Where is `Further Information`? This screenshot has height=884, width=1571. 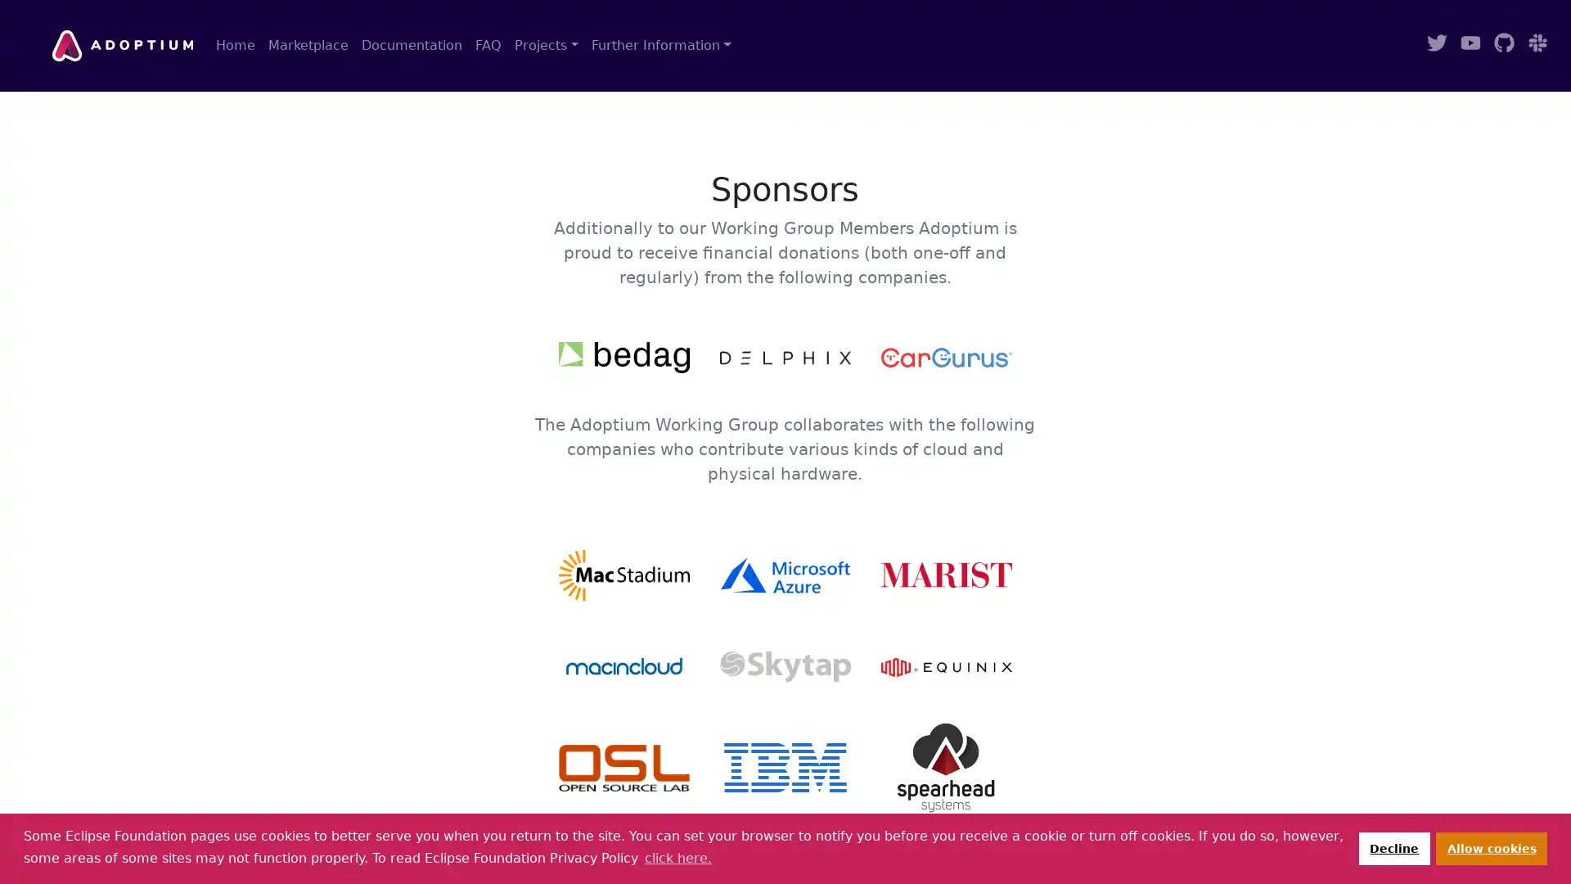 Further Information is located at coordinates (660, 45).